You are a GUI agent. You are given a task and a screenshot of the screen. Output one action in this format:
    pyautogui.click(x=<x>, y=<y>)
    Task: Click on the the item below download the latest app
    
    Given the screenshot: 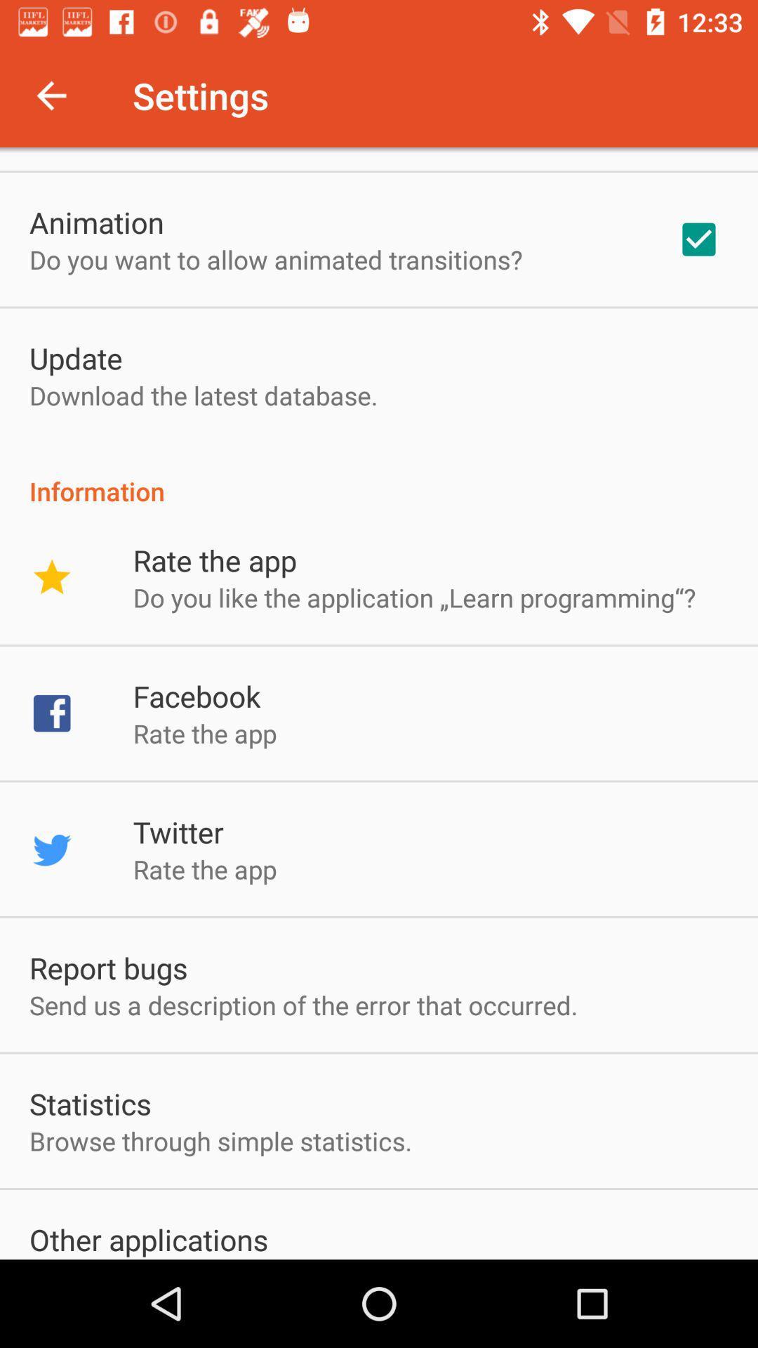 What is the action you would take?
    pyautogui.click(x=379, y=476)
    